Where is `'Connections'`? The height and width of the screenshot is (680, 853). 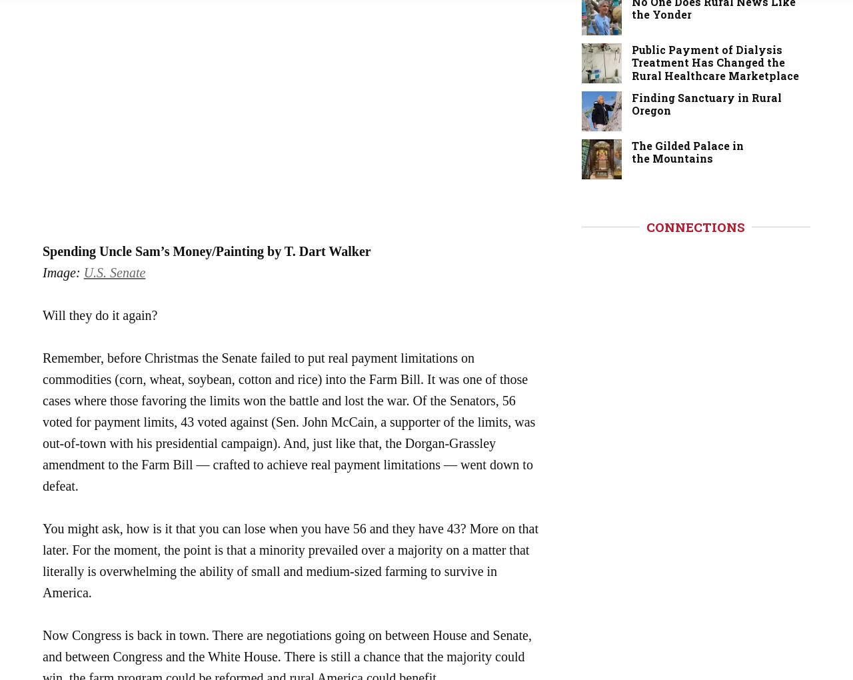 'Connections' is located at coordinates (646, 227).